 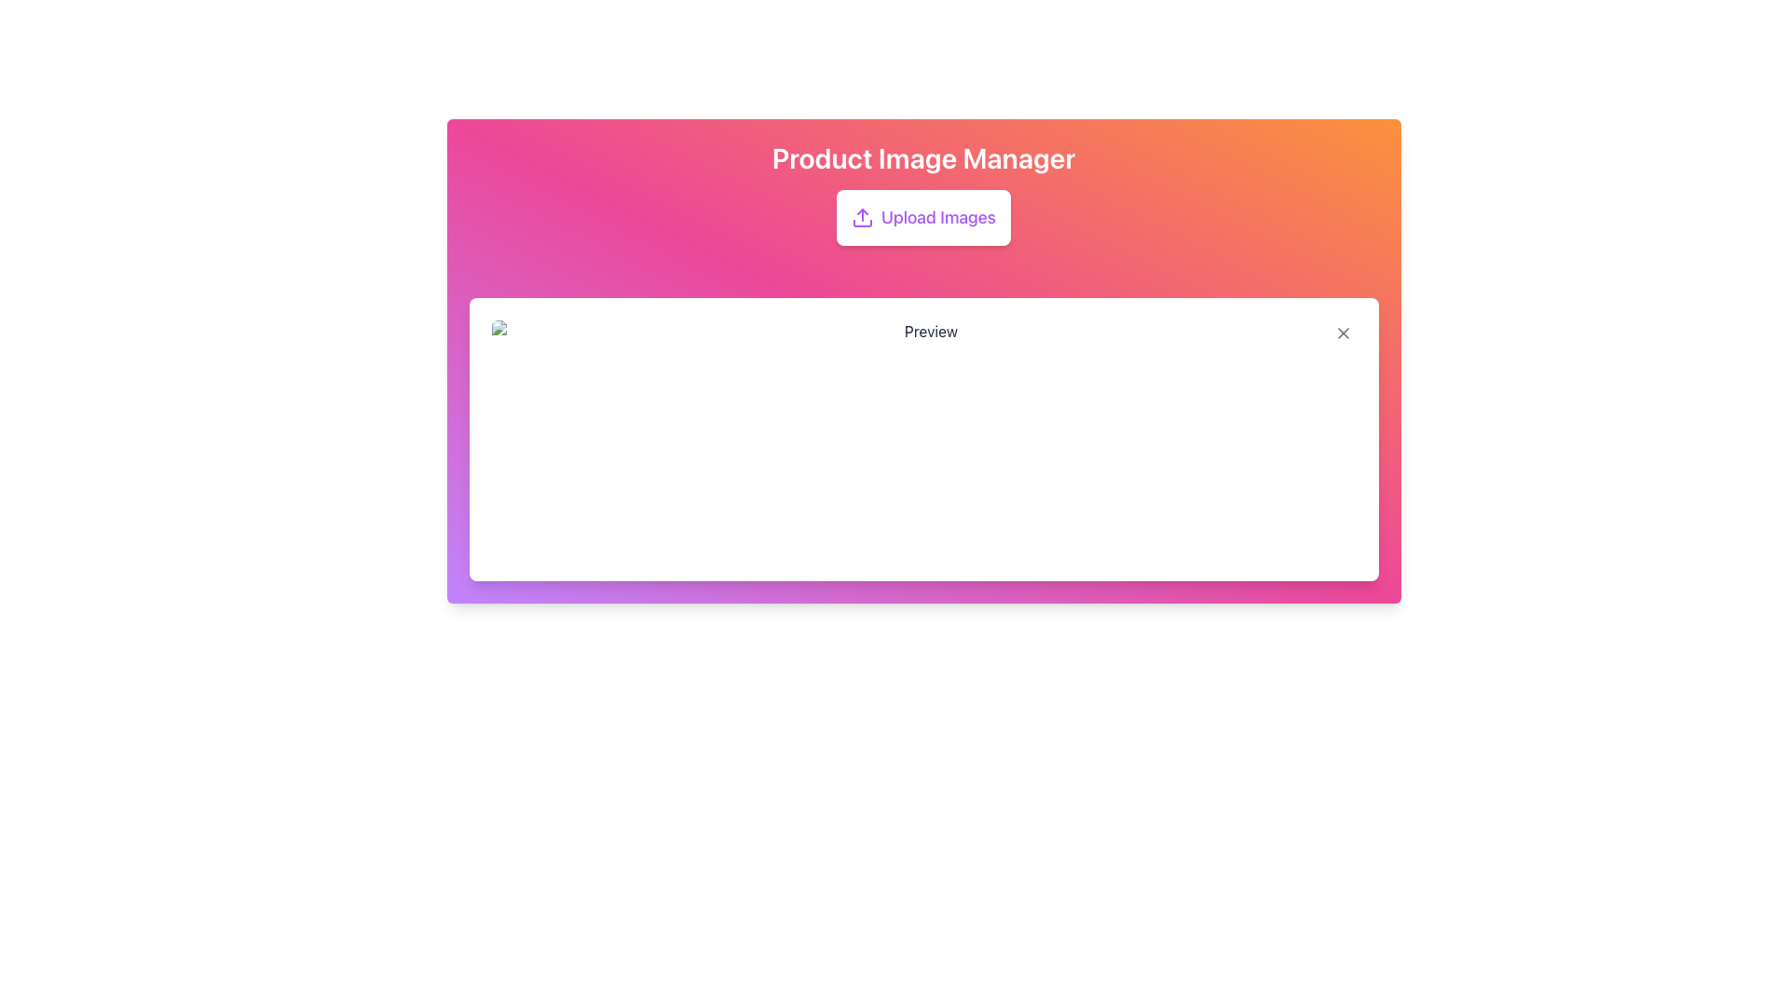 What do you see at coordinates (923, 217) in the screenshot?
I see `the 'Upload' button located centrally within the orange-to-purple gradient panel, directly below the header text 'Product Image Manager'` at bounding box center [923, 217].